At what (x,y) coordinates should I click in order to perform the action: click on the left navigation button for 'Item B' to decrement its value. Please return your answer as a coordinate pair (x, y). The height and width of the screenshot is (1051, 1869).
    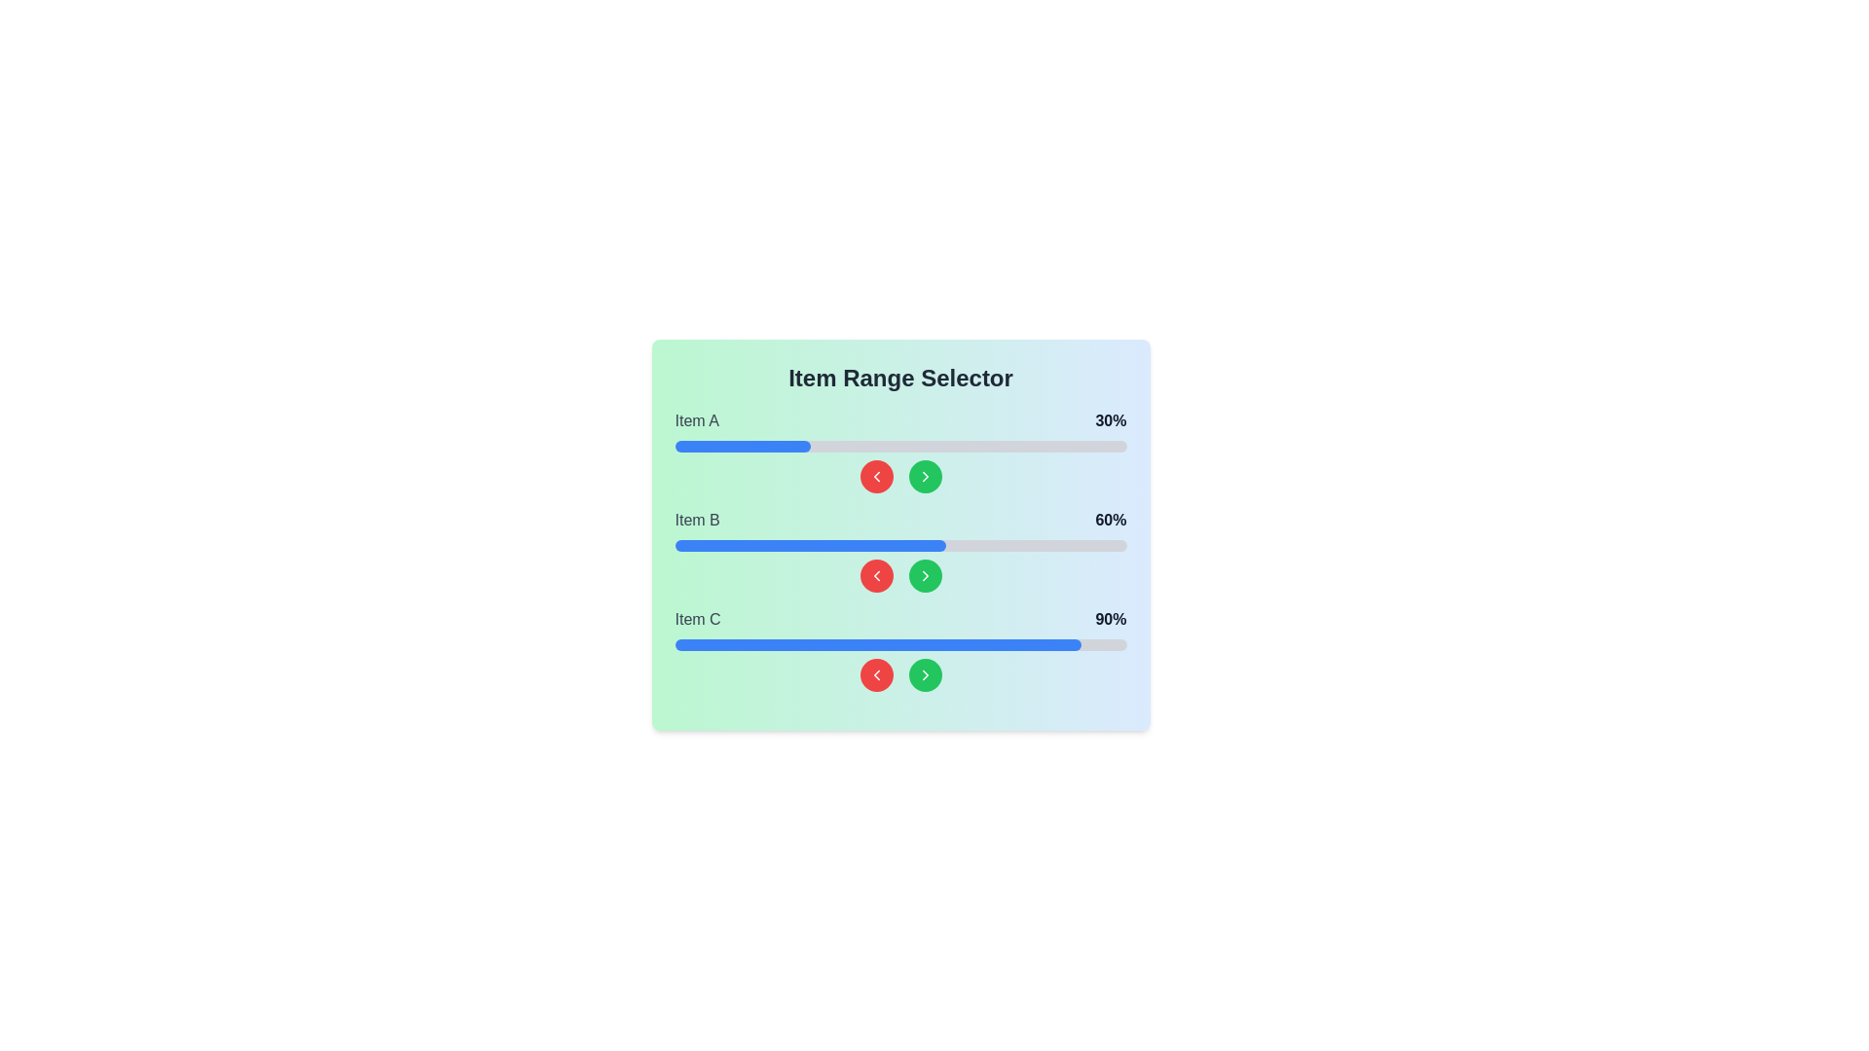
    Looking at the image, I should click on (875, 574).